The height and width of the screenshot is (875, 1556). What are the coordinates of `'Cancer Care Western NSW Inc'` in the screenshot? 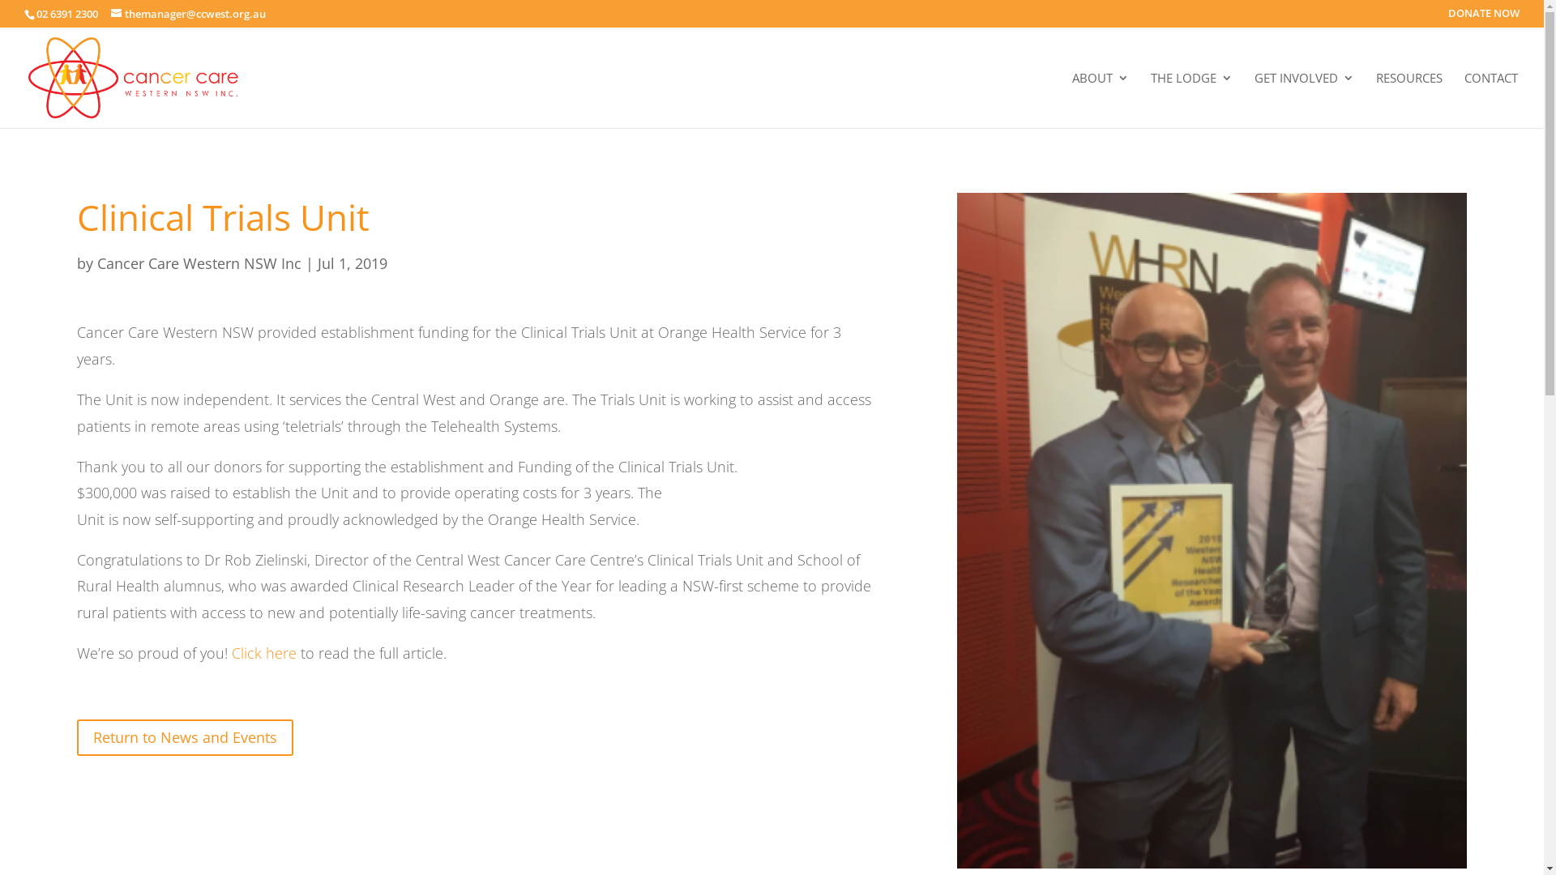 It's located at (198, 262).